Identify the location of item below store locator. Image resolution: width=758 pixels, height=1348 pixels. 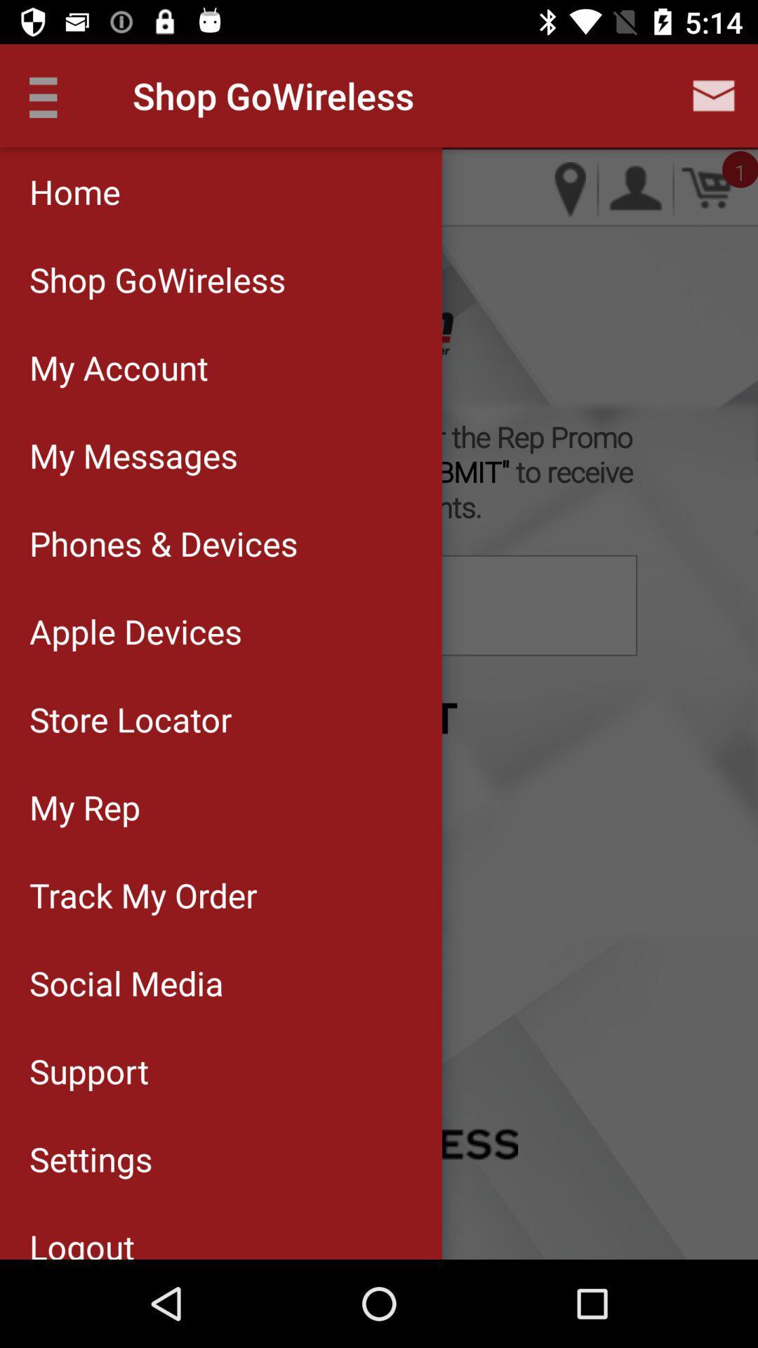
(221, 807).